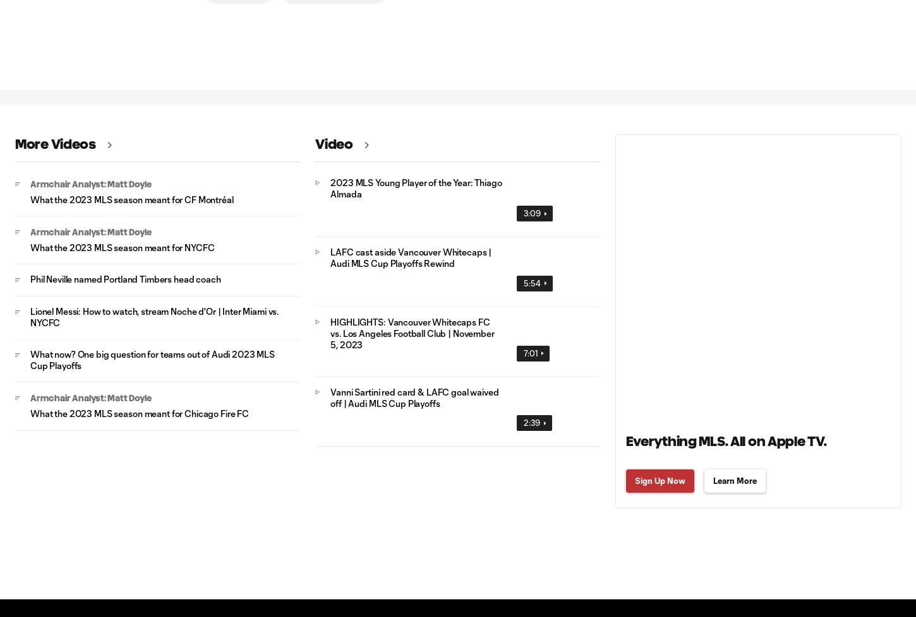 Image resolution: width=916 pixels, height=617 pixels. What do you see at coordinates (660, 479) in the screenshot?
I see `'Sign Up Now'` at bounding box center [660, 479].